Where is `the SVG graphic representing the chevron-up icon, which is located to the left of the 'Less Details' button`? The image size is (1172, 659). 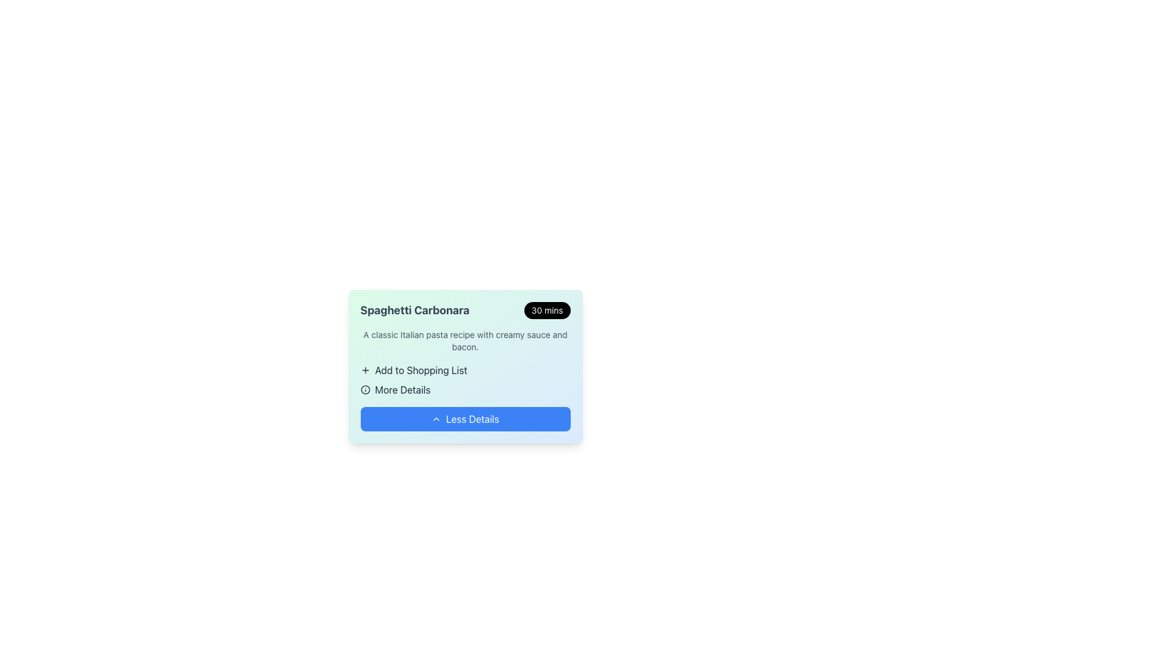
the SVG graphic representing the chevron-up icon, which is located to the left of the 'Less Details' button is located at coordinates (436, 418).